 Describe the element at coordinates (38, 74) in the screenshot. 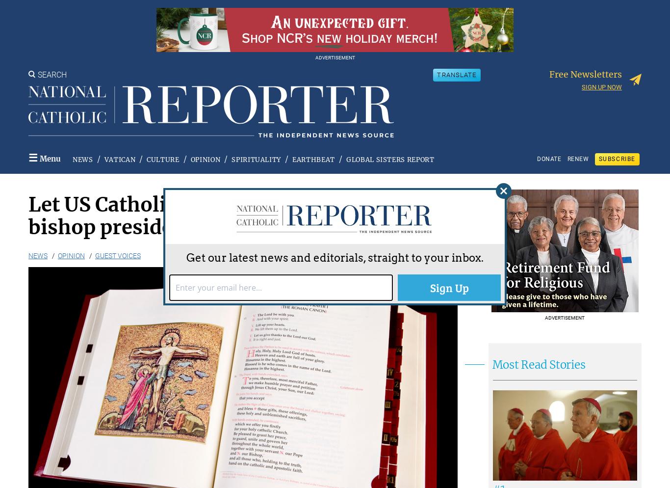

I see `'Search'` at that location.